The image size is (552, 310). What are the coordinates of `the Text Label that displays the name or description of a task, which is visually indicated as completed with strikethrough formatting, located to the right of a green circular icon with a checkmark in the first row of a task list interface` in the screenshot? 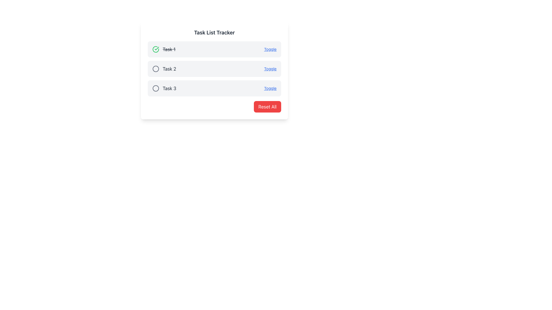 It's located at (169, 49).